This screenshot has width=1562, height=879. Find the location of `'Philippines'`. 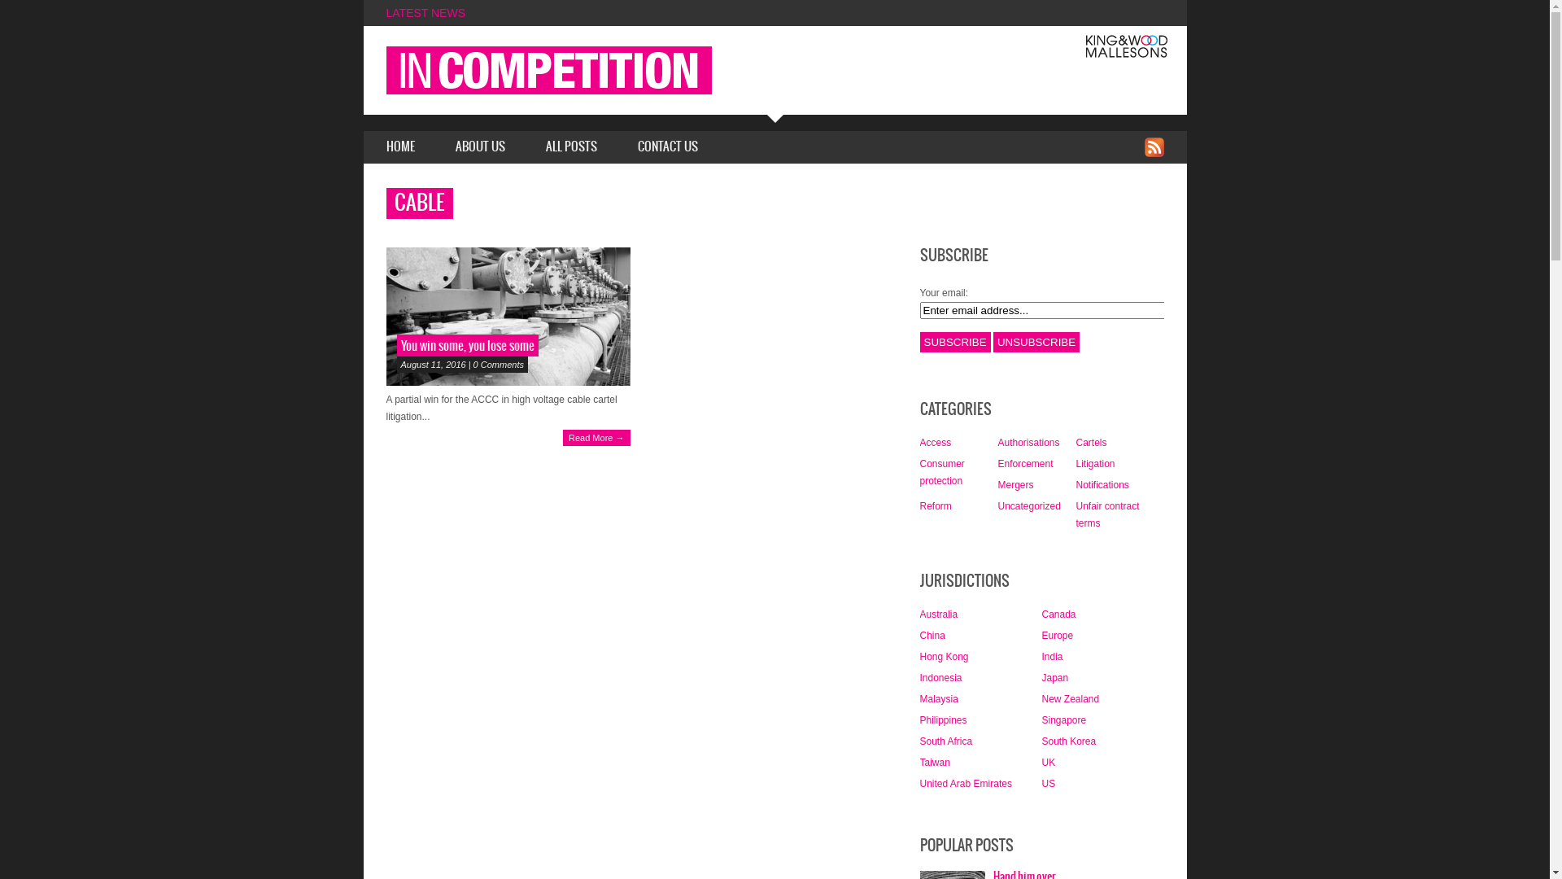

'Philippines' is located at coordinates (918, 719).